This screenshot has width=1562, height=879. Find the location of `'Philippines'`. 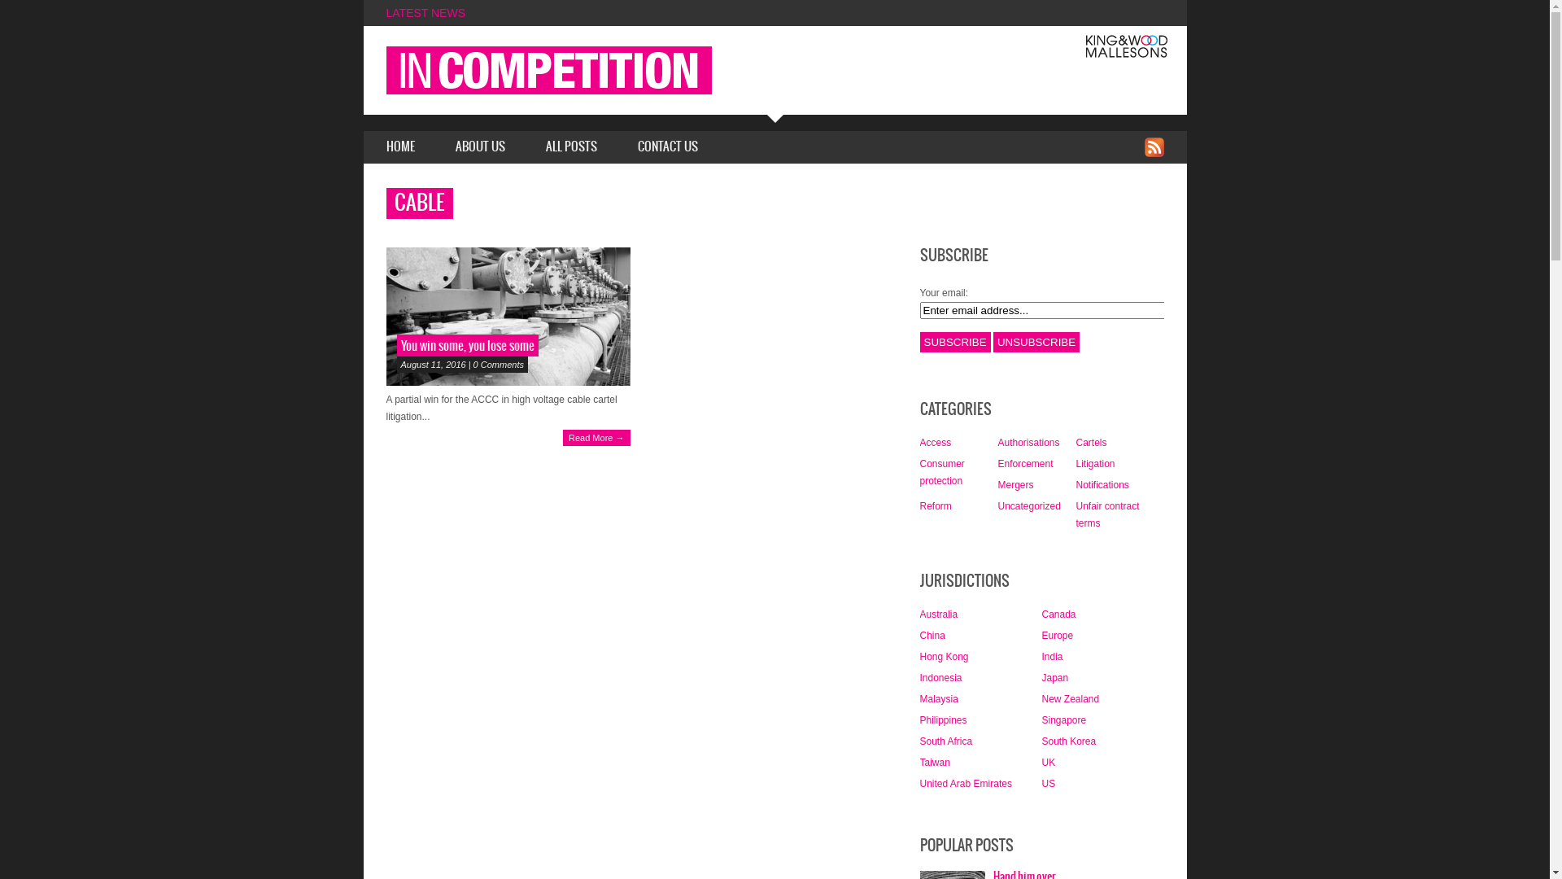

'Philippines' is located at coordinates (918, 719).